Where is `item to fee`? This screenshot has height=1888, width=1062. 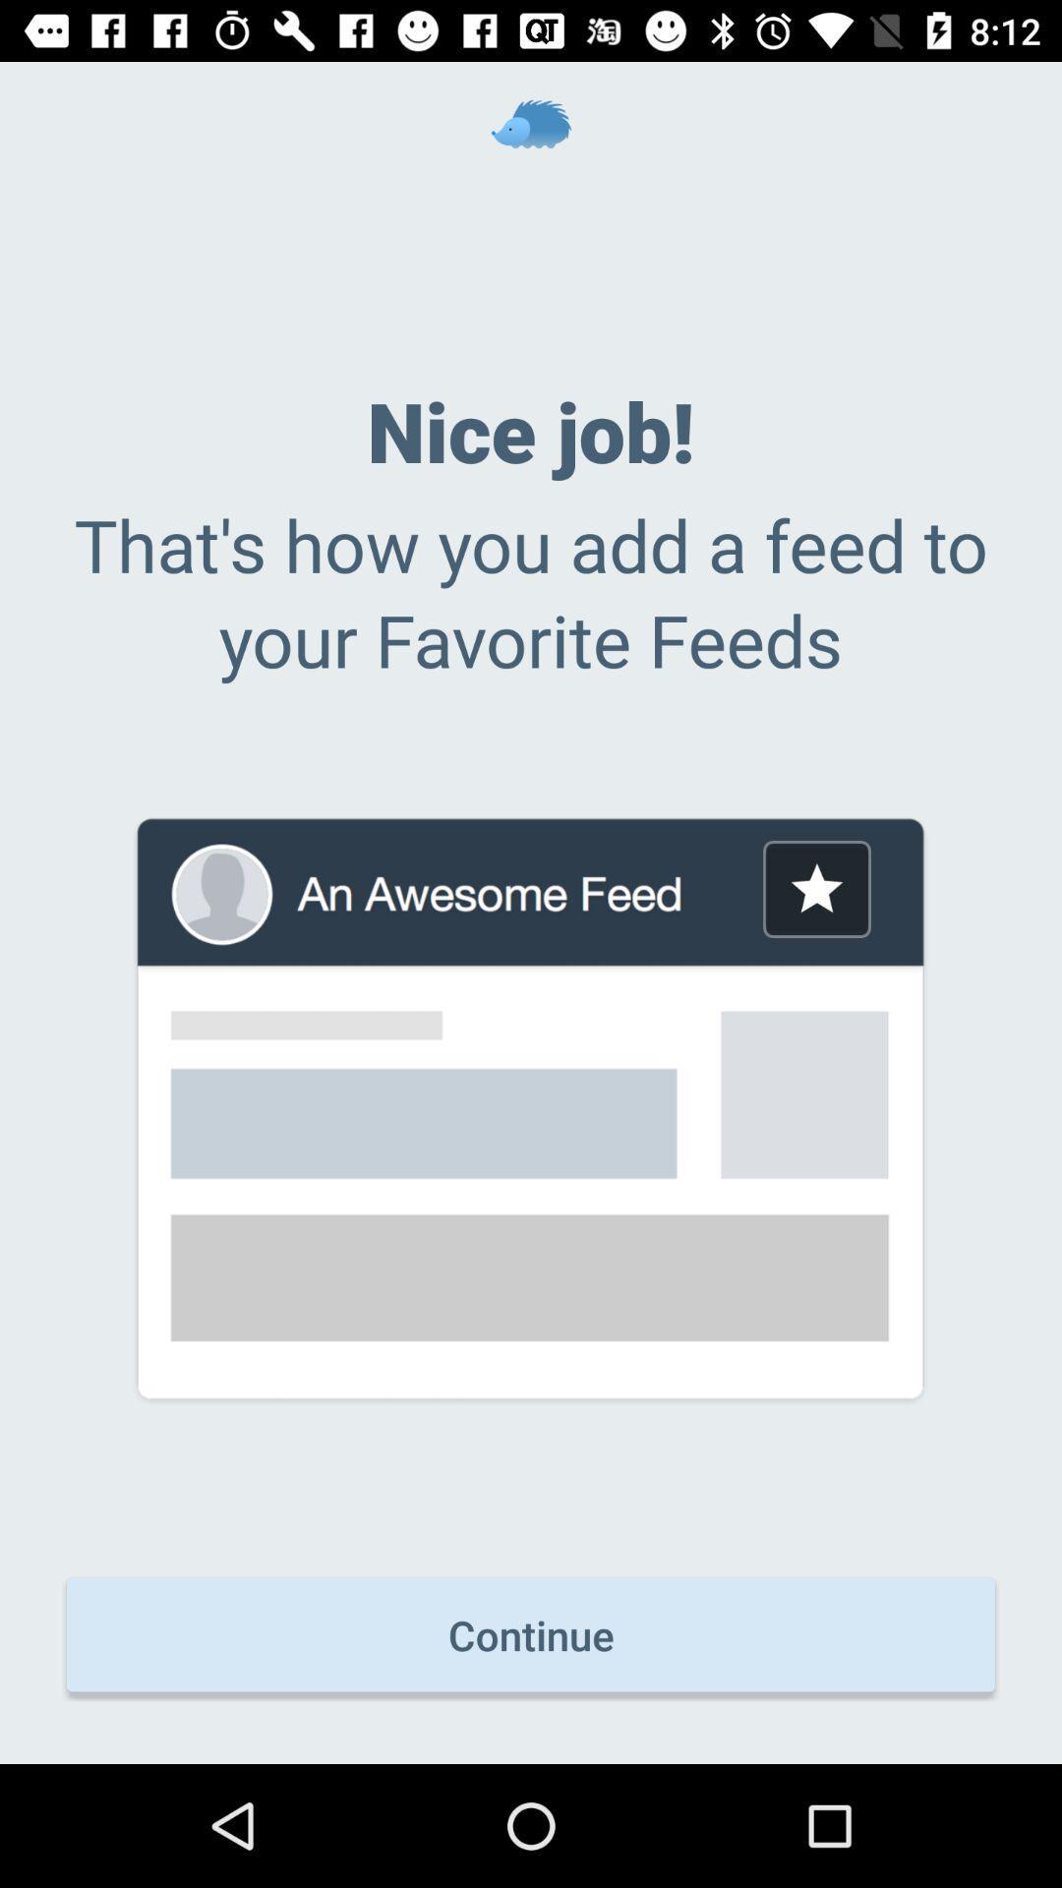
item to fee is located at coordinates (816, 888).